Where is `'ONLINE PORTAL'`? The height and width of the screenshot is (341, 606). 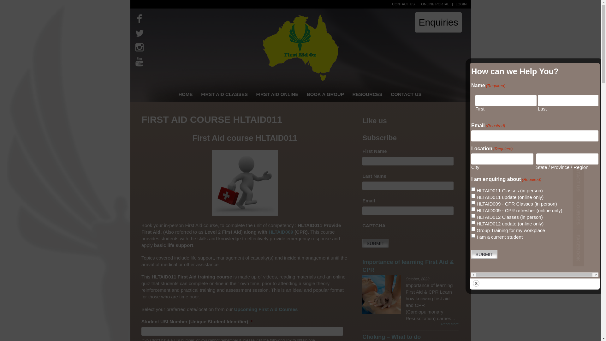 'ONLINE PORTAL' is located at coordinates (433, 4).